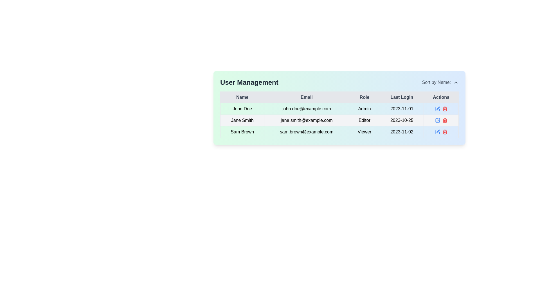 This screenshot has height=304, width=540. I want to click on the last row in the user information data grid, which contains the name 'Sam Brown', so click(339, 132).